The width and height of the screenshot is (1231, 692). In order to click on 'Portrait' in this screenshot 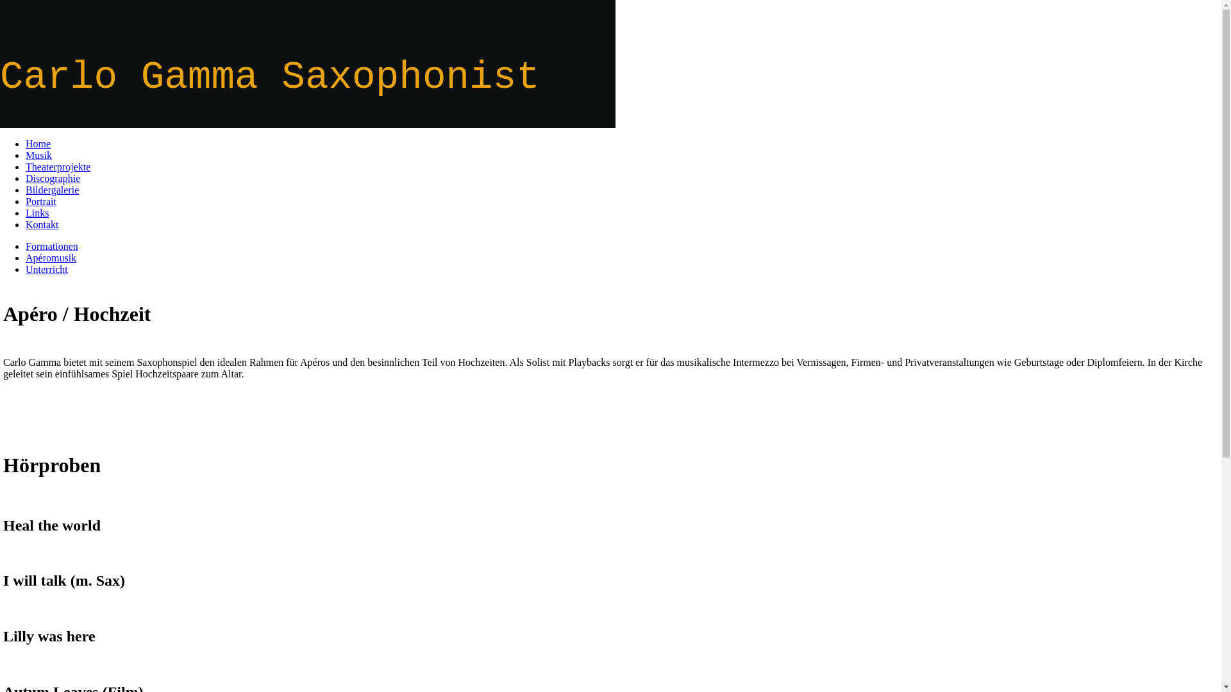, I will do `click(40, 201)`.